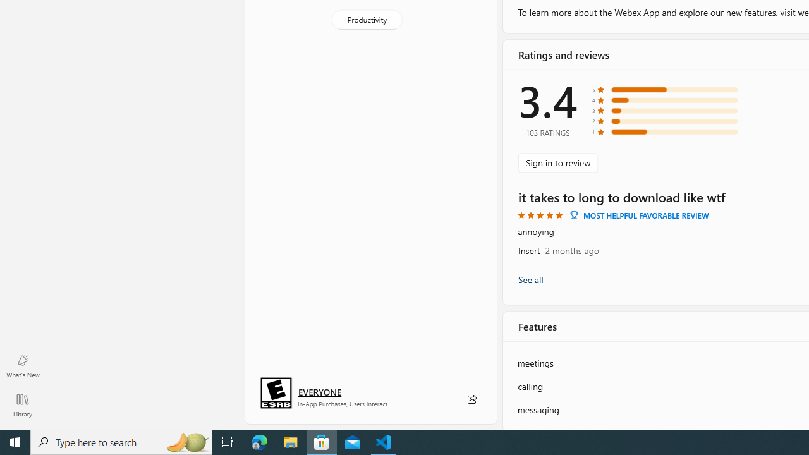  Describe the element at coordinates (557, 162) in the screenshot. I see `'Sign in to review'` at that location.